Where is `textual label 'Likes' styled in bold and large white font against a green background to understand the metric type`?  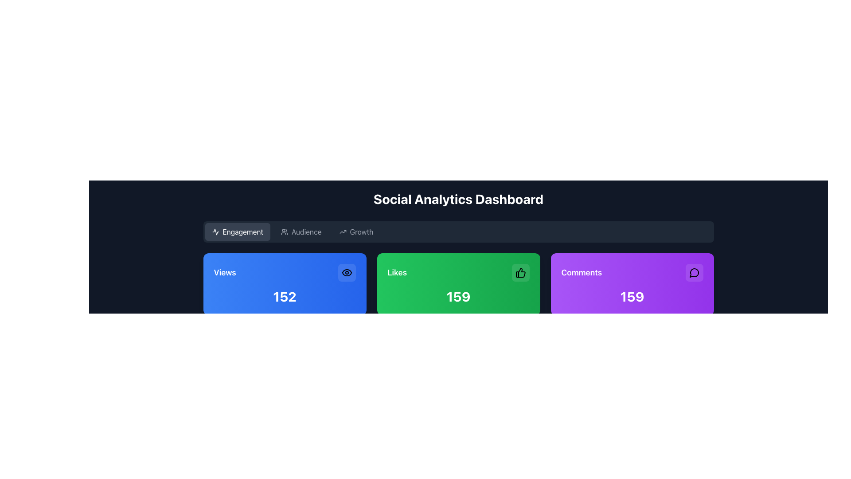
textual label 'Likes' styled in bold and large white font against a green background to understand the metric type is located at coordinates (397, 272).